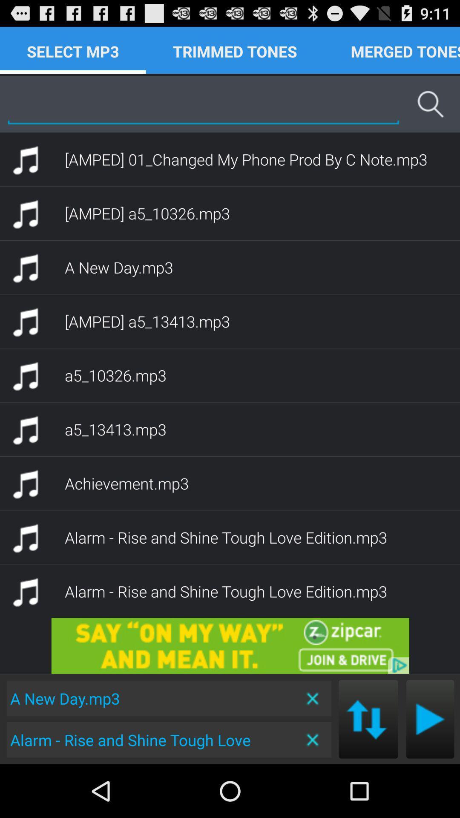 The width and height of the screenshot is (460, 818). Describe the element at coordinates (368, 719) in the screenshot. I see `sufffle songs` at that location.